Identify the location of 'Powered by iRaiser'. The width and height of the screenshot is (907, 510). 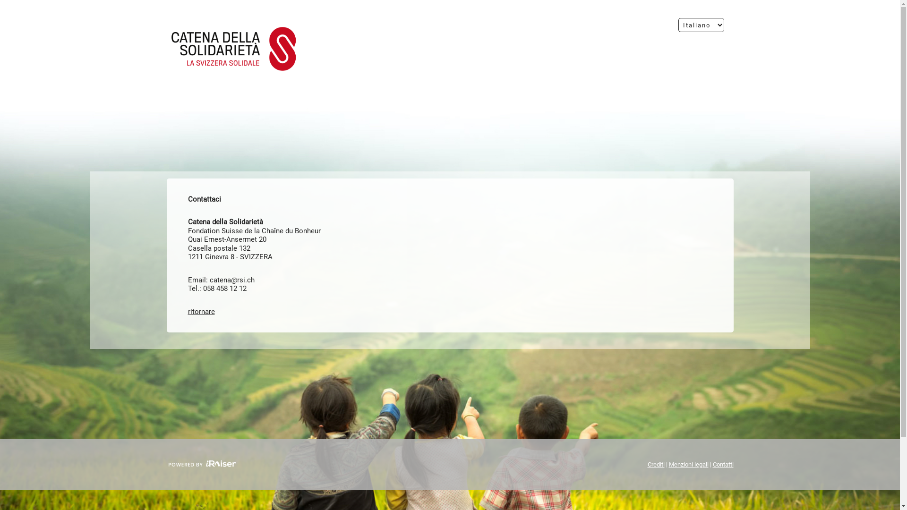
(201, 464).